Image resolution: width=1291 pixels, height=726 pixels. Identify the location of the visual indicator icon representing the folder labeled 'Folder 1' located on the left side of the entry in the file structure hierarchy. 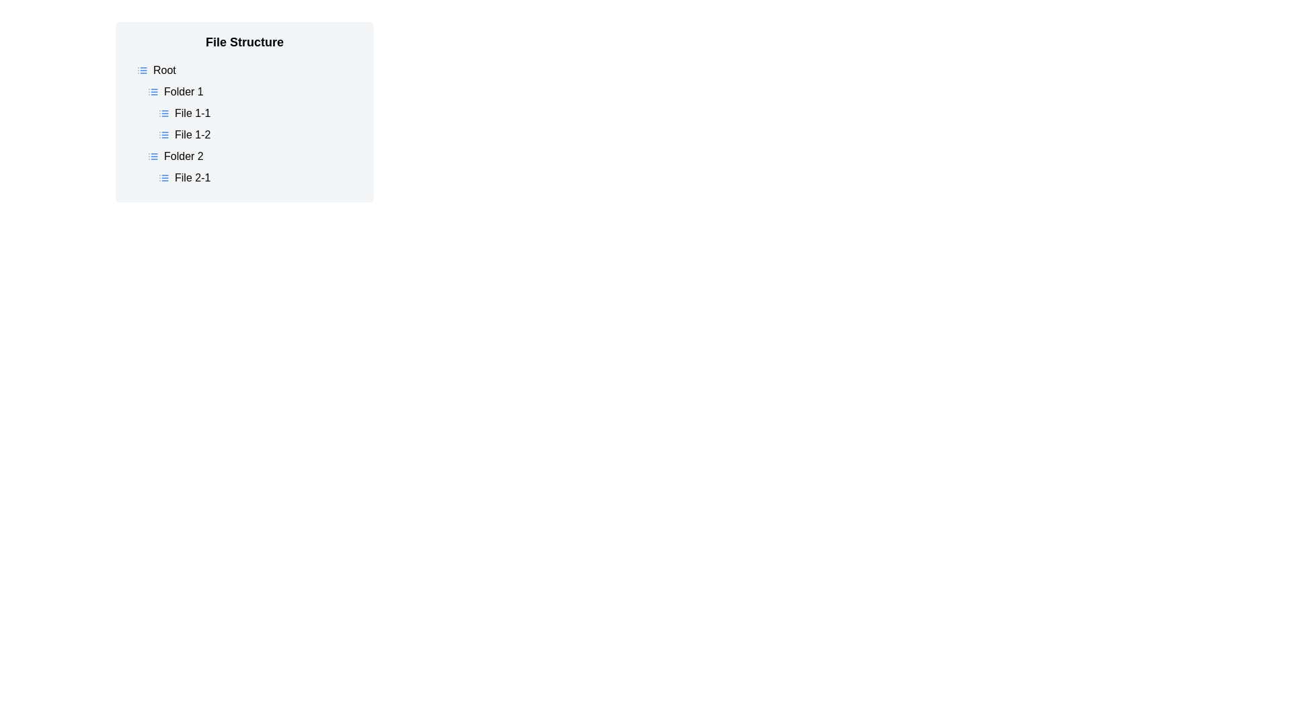
(153, 91).